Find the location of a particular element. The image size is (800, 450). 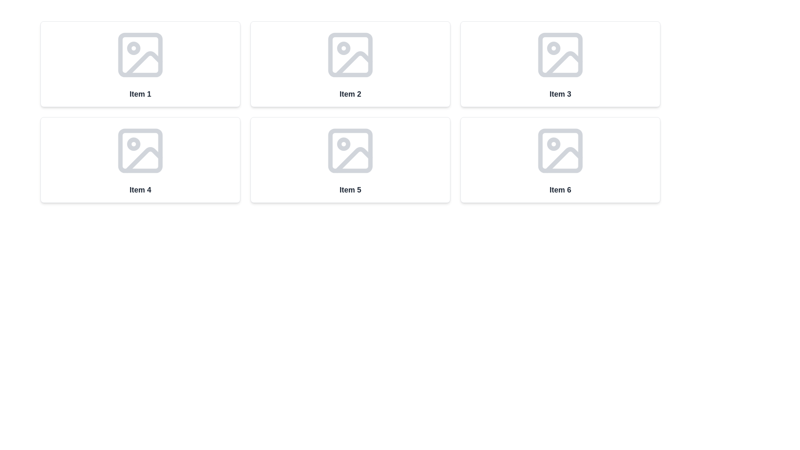

the Text label that indicates the identifier or description of the card, located in the second row, third column of a two-row grid view is located at coordinates (350, 190).